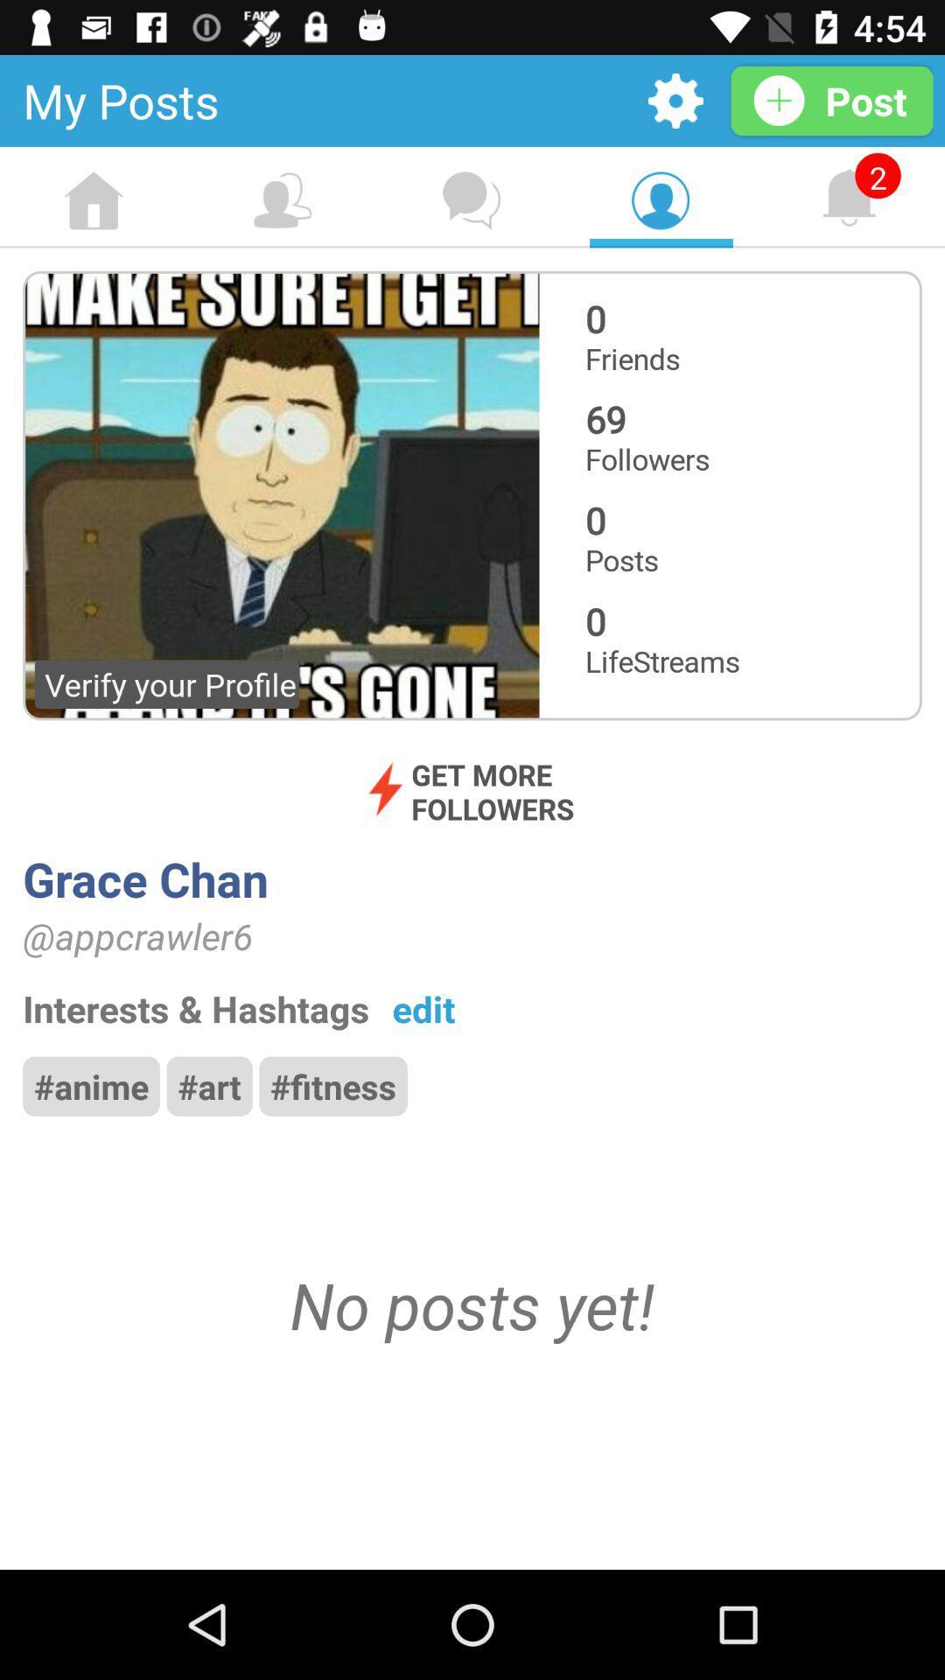 The width and height of the screenshot is (945, 1680). What do you see at coordinates (208, 1085) in the screenshot?
I see `the item above no posts yet! item` at bounding box center [208, 1085].